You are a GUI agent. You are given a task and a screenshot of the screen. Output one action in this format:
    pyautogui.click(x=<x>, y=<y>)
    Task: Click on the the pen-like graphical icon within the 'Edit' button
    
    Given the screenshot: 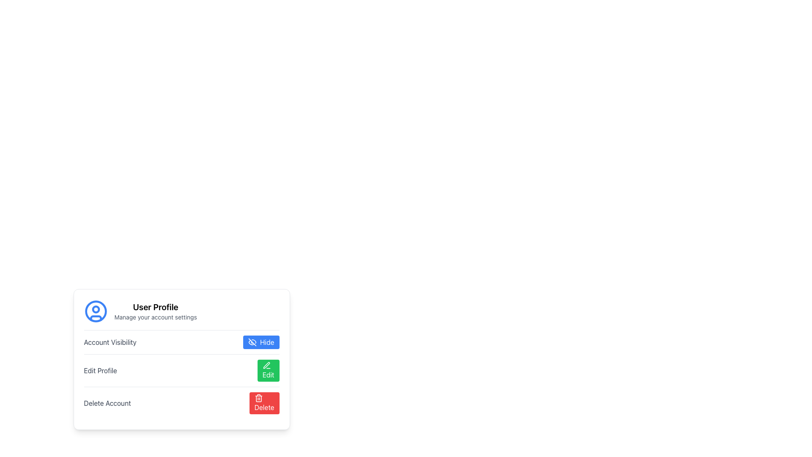 What is the action you would take?
    pyautogui.click(x=266, y=365)
    